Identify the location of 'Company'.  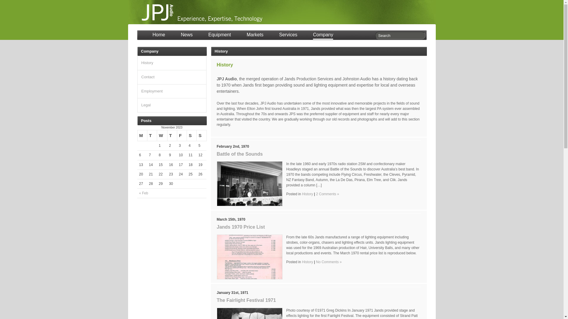
(322, 35).